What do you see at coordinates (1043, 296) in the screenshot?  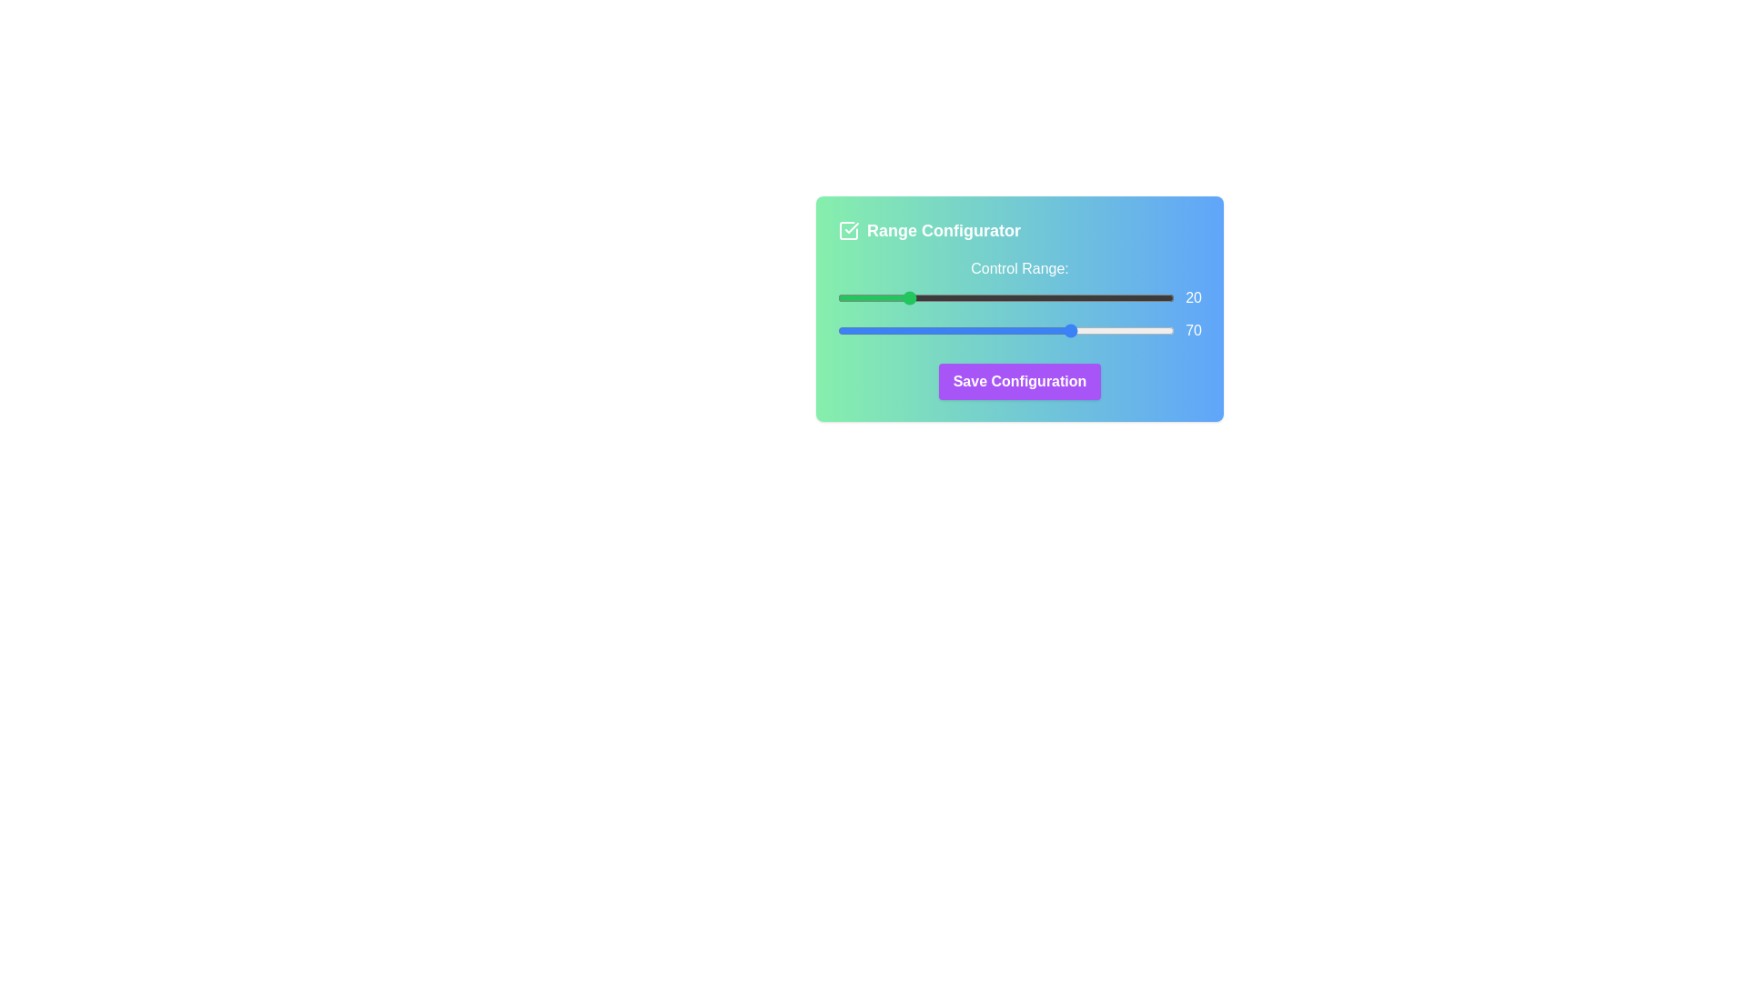 I see `the start range slider to set the value to 61` at bounding box center [1043, 296].